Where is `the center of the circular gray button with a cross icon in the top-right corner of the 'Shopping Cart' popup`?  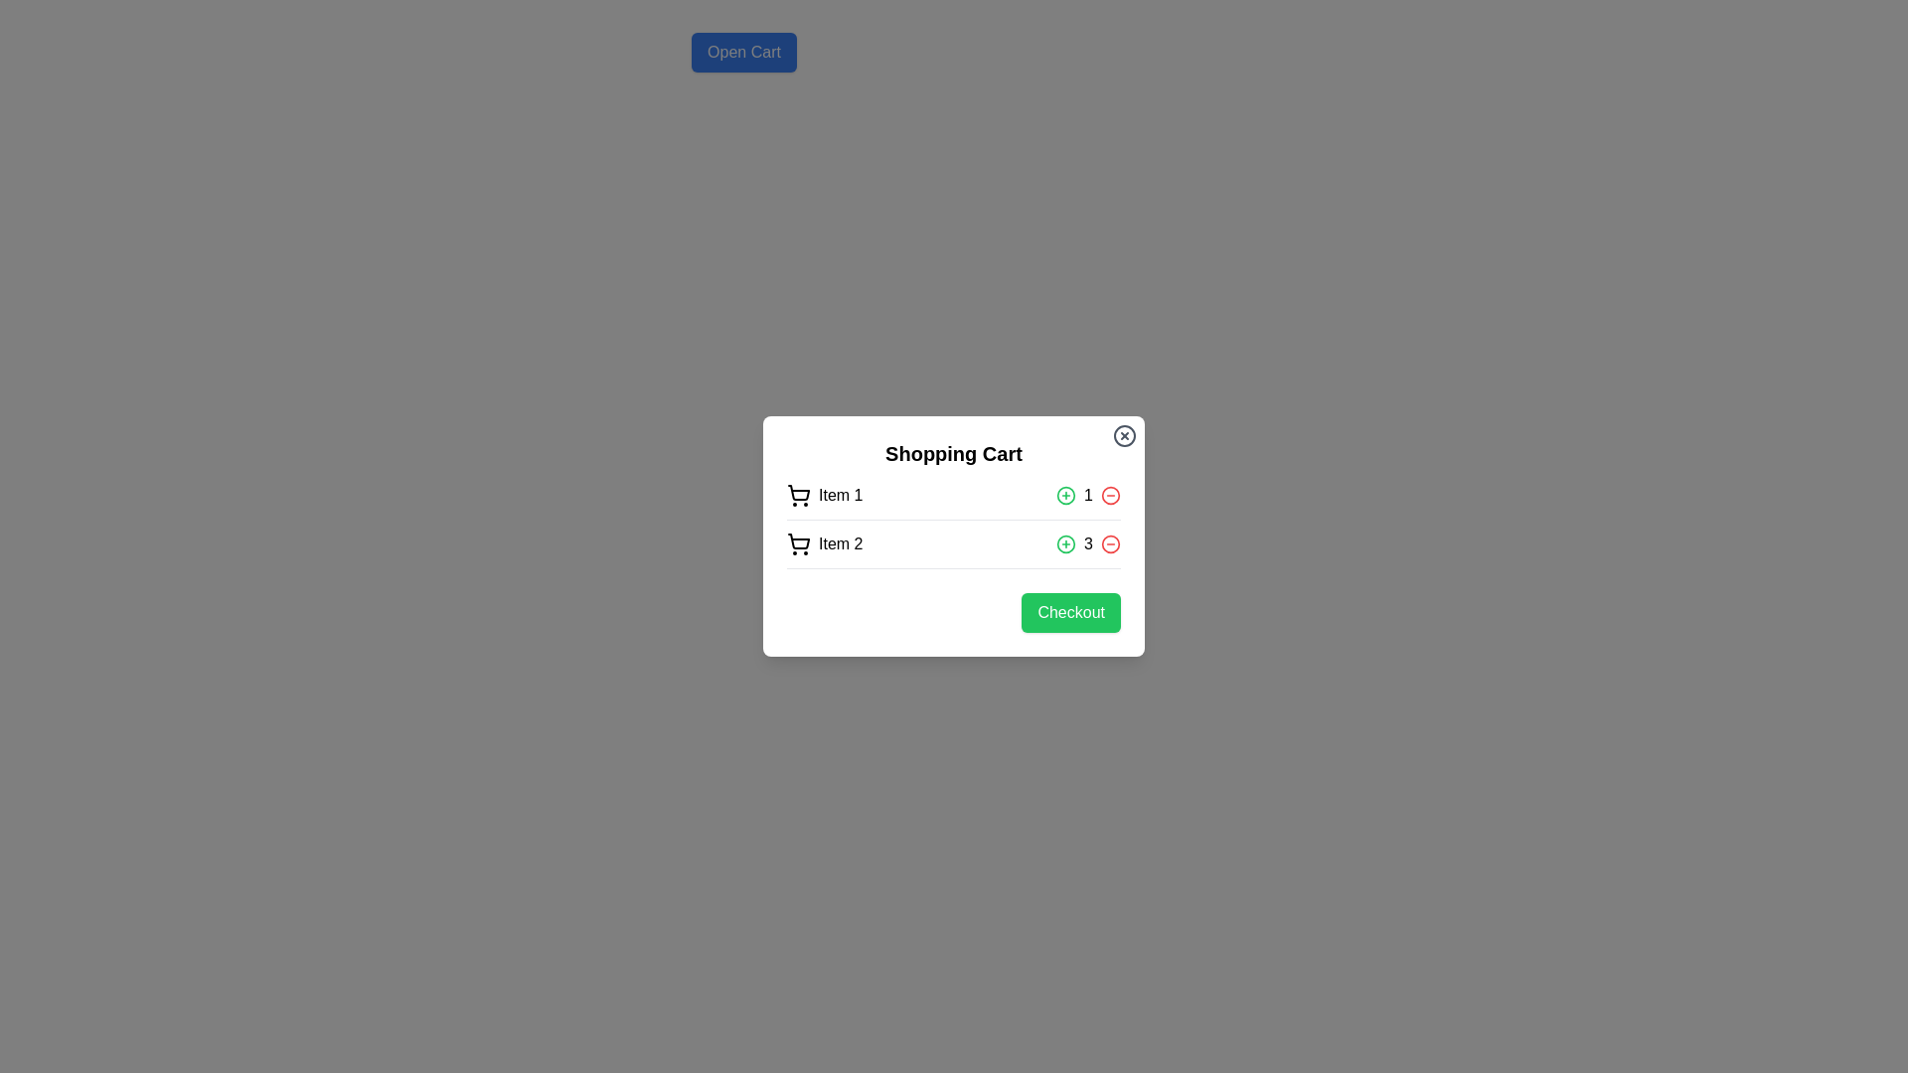
the center of the circular gray button with a cross icon in the top-right corner of the 'Shopping Cart' popup is located at coordinates (1125, 435).